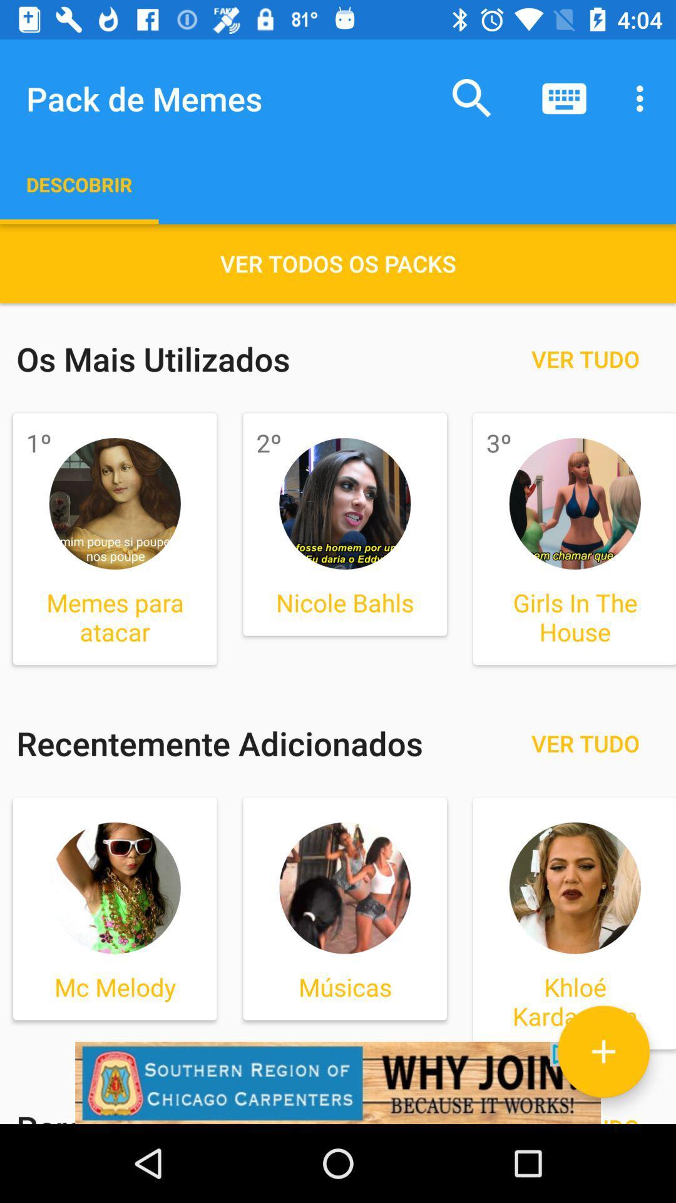 The width and height of the screenshot is (676, 1203). What do you see at coordinates (603, 1051) in the screenshot?
I see `pack` at bounding box center [603, 1051].